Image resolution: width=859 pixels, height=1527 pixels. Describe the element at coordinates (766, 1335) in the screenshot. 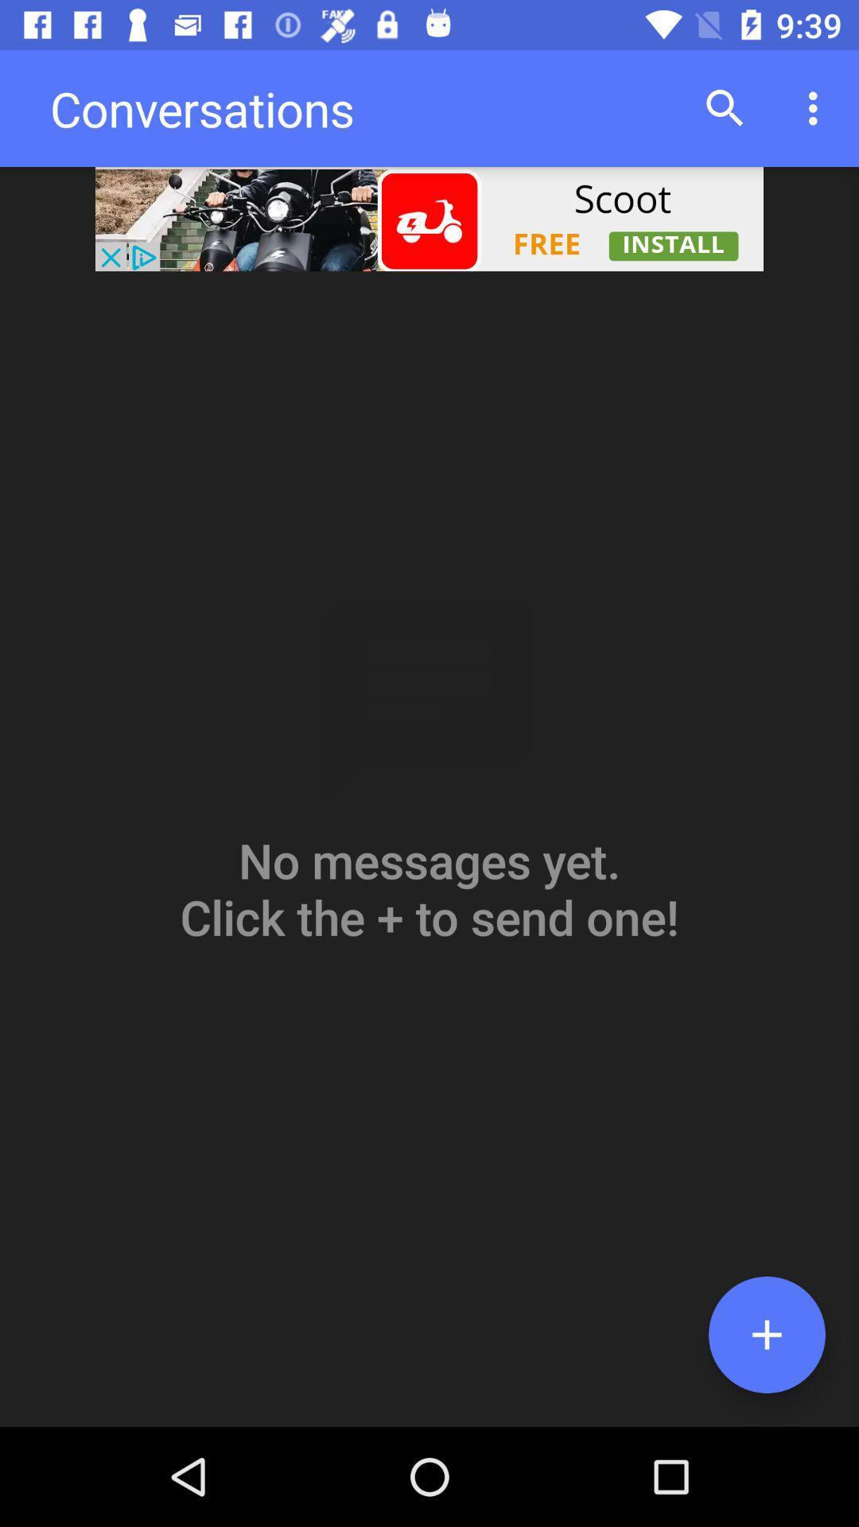

I see `the add icon` at that location.